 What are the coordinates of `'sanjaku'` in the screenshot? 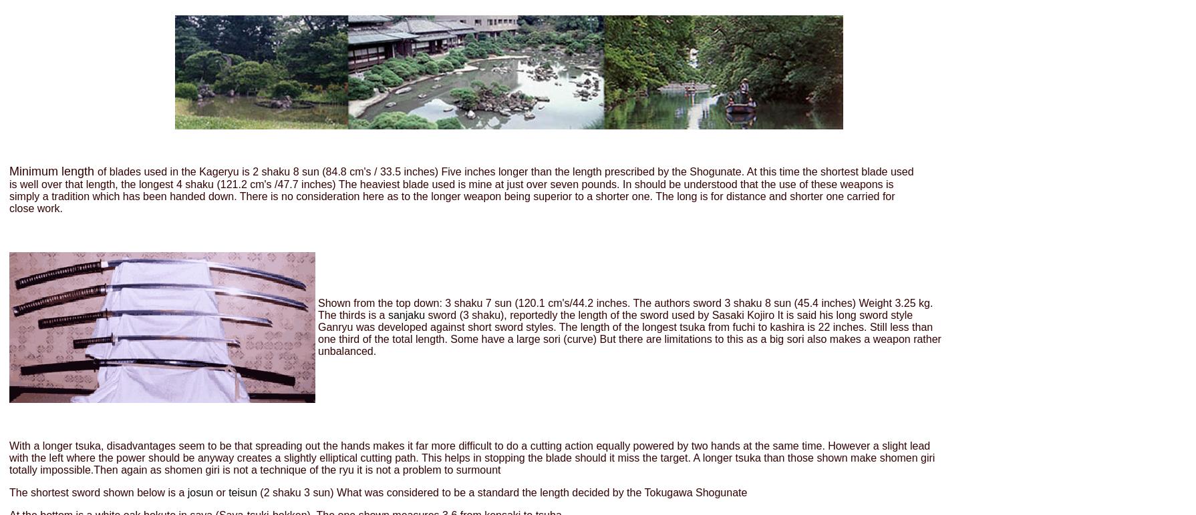 It's located at (406, 314).